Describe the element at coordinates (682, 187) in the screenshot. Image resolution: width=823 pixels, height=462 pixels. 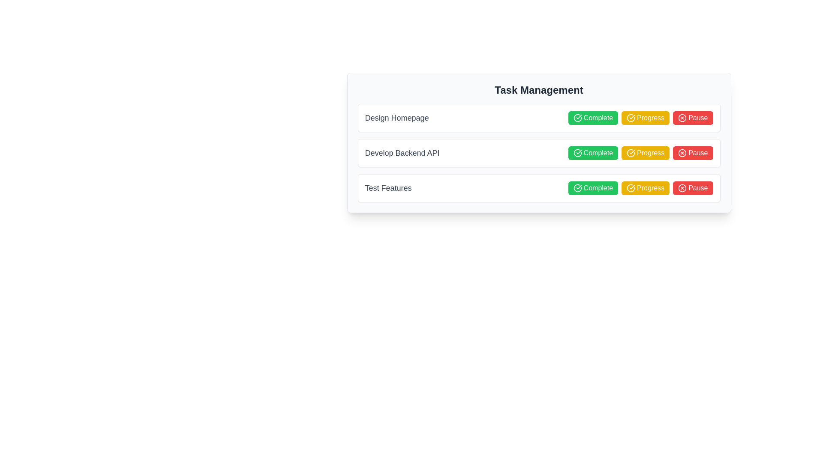
I see `the 'Pause' icon, which is the rightmost icon in the third row of the task management table, representing the pause action` at that location.